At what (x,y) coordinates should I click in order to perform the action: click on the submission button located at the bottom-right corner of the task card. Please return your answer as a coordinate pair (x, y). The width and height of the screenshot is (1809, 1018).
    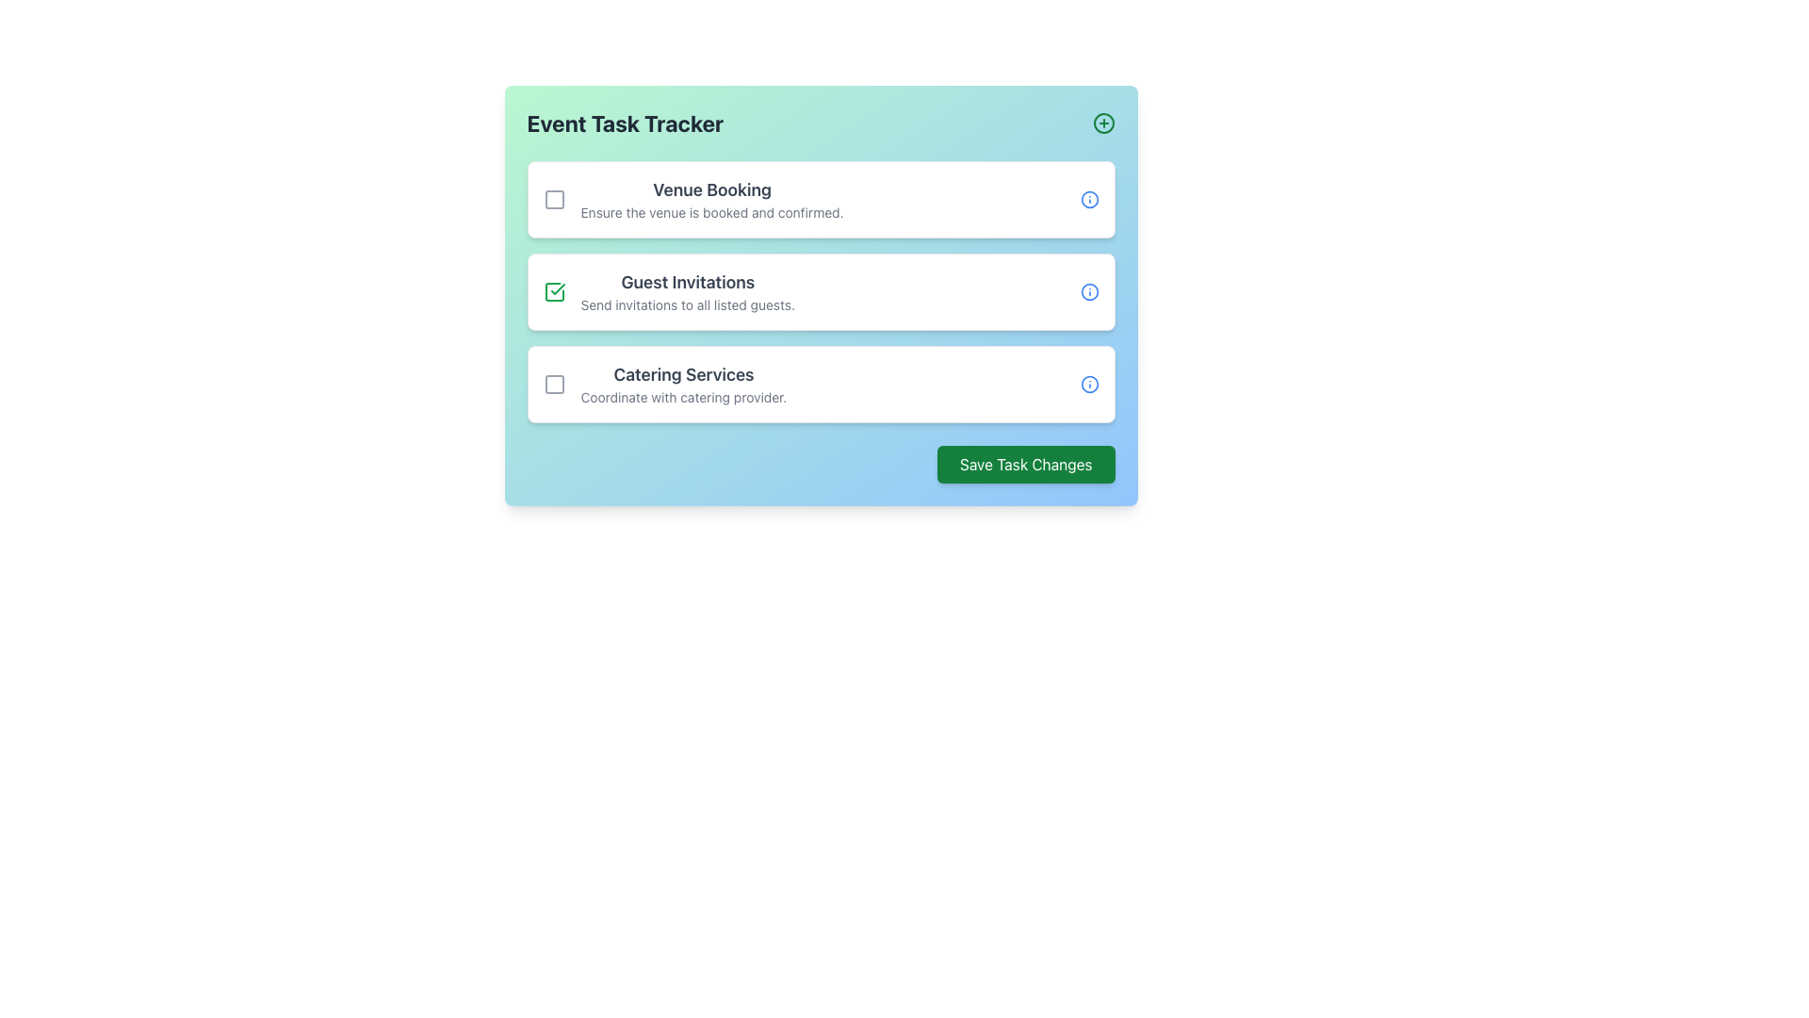
    Looking at the image, I should click on (1025, 465).